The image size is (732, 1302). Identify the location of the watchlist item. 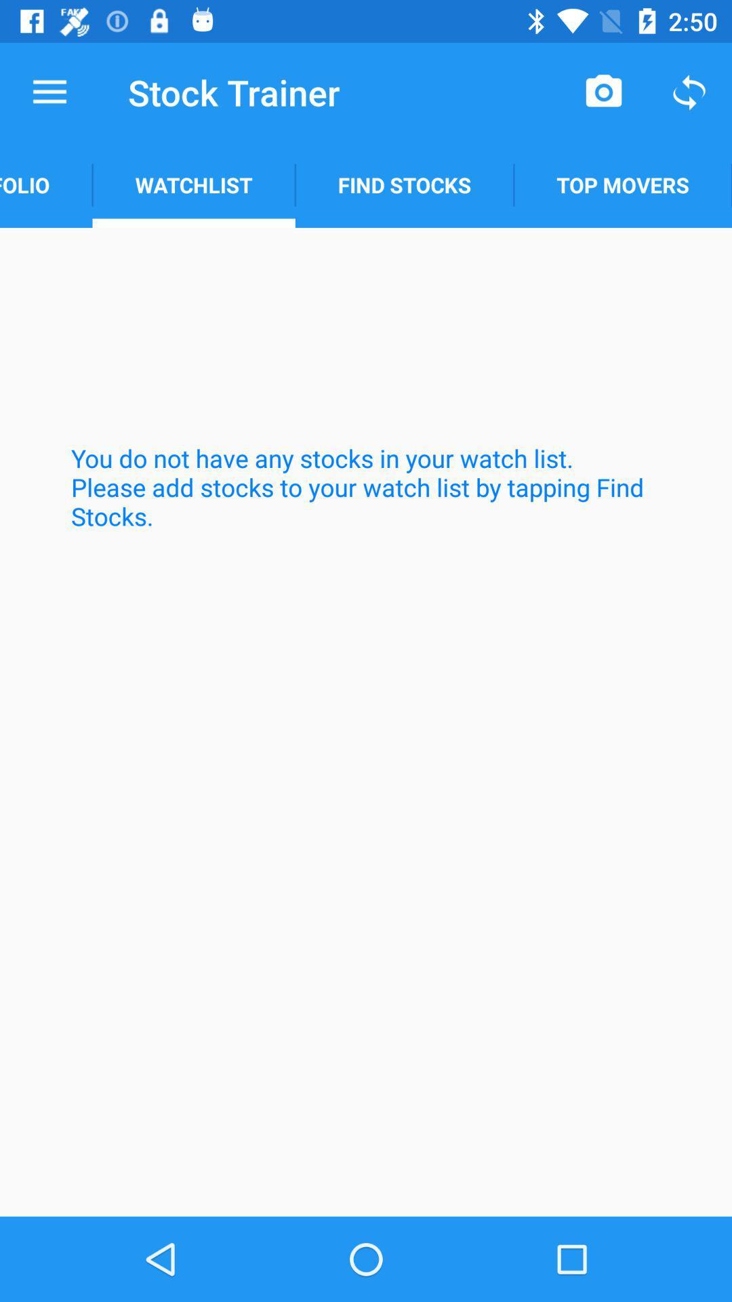
(194, 184).